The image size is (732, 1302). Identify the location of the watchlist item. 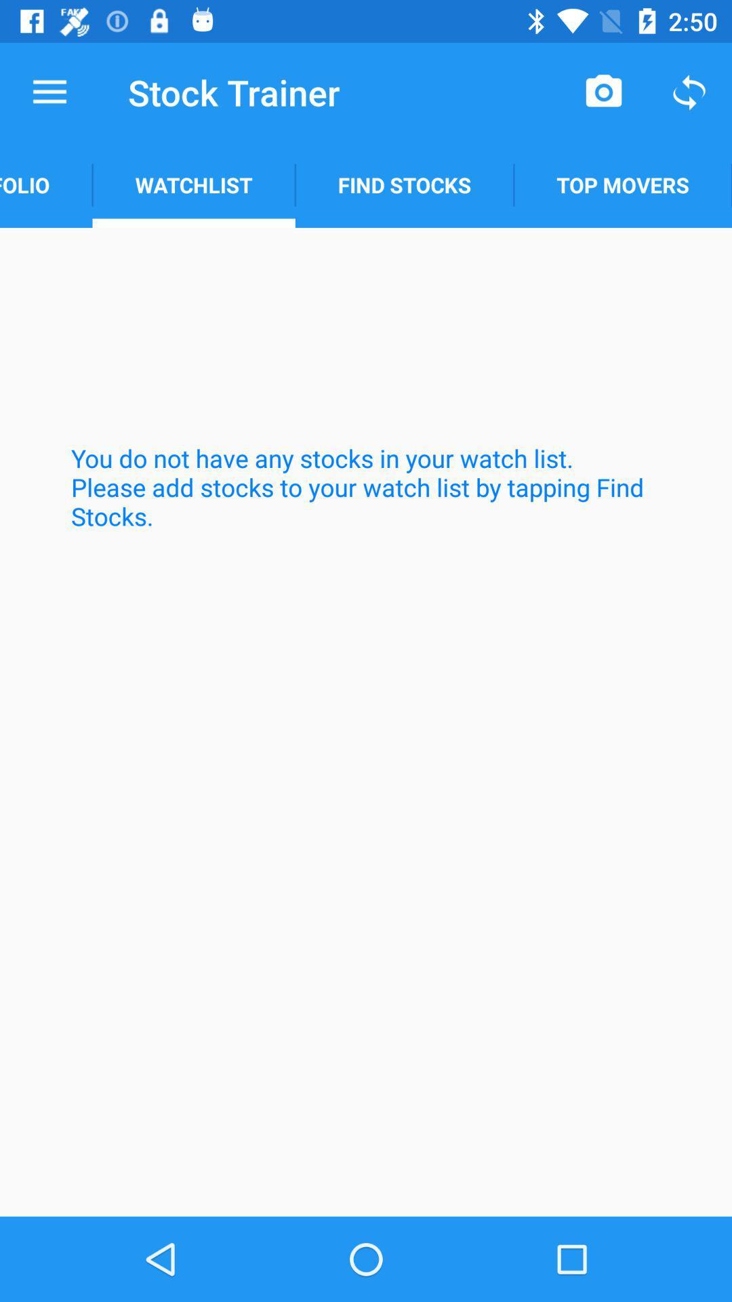
(194, 184).